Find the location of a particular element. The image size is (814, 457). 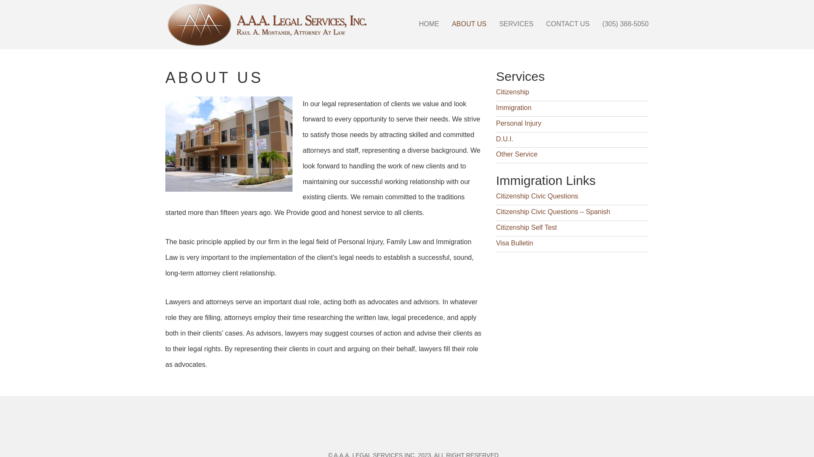

'SERVICES' is located at coordinates (516, 24).